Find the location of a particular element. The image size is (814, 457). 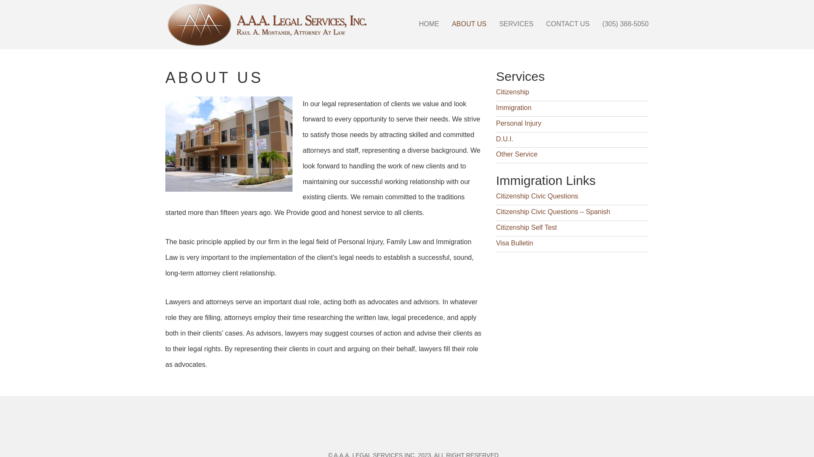

'SERVICES' is located at coordinates (516, 24).